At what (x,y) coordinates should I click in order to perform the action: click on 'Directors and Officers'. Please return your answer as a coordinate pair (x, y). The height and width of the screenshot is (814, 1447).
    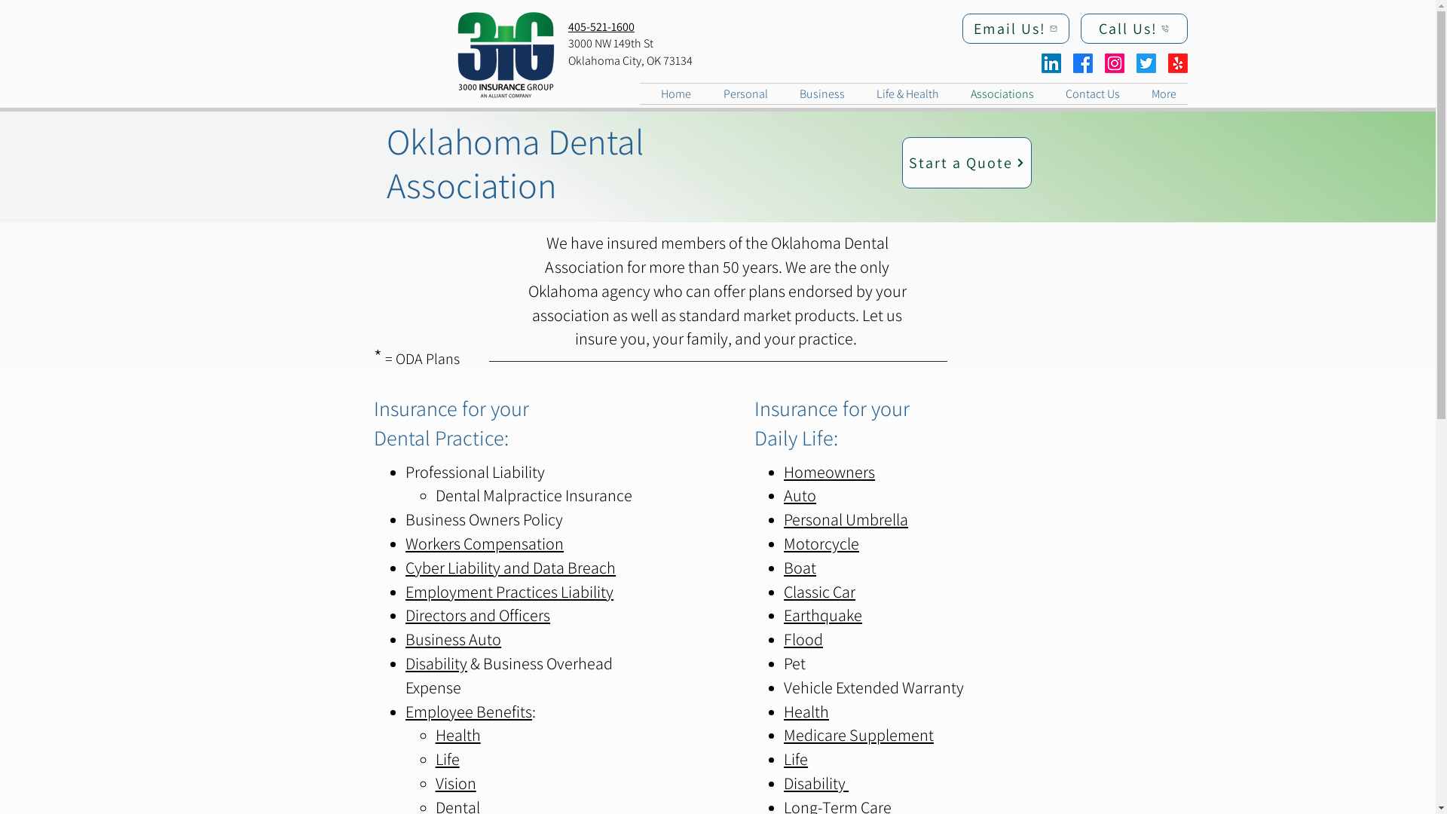
    Looking at the image, I should click on (476, 615).